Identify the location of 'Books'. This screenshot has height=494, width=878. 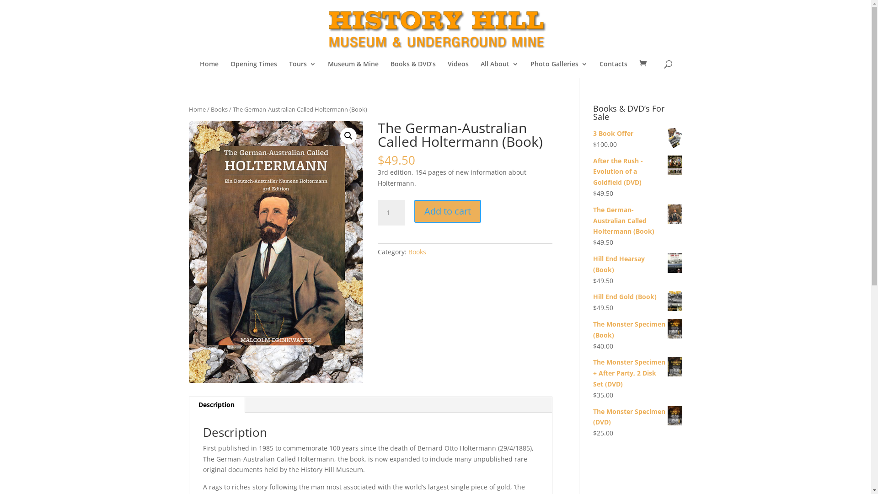
(218, 109).